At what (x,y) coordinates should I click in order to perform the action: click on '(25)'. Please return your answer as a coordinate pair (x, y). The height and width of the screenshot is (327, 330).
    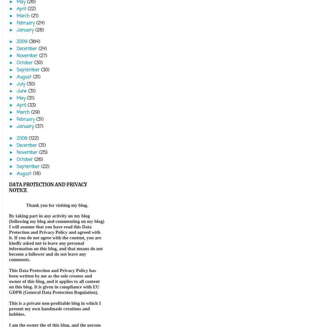
    Looking at the image, I should click on (43, 152).